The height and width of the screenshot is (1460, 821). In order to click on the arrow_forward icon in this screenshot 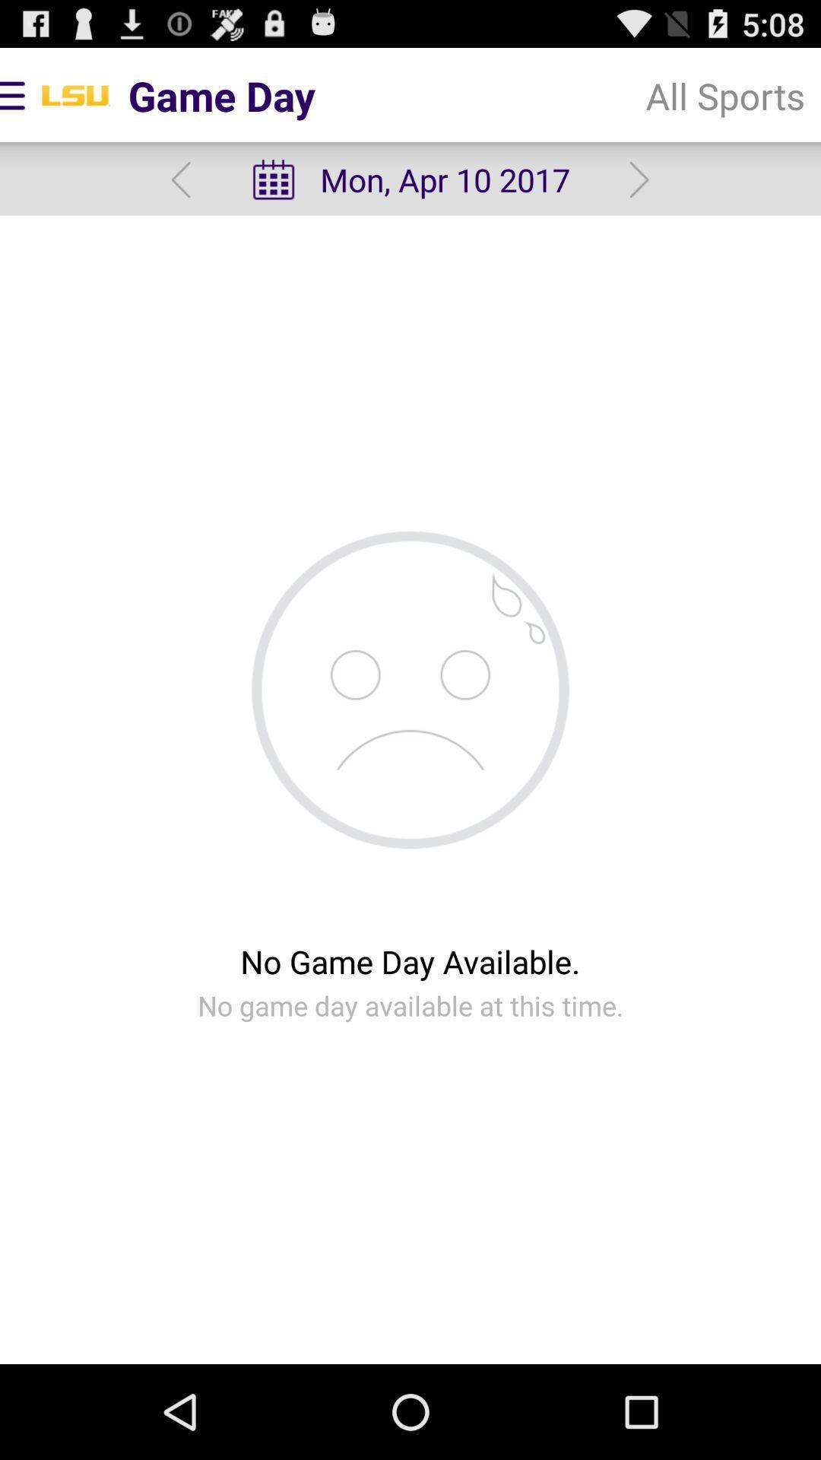, I will do `click(639, 191)`.